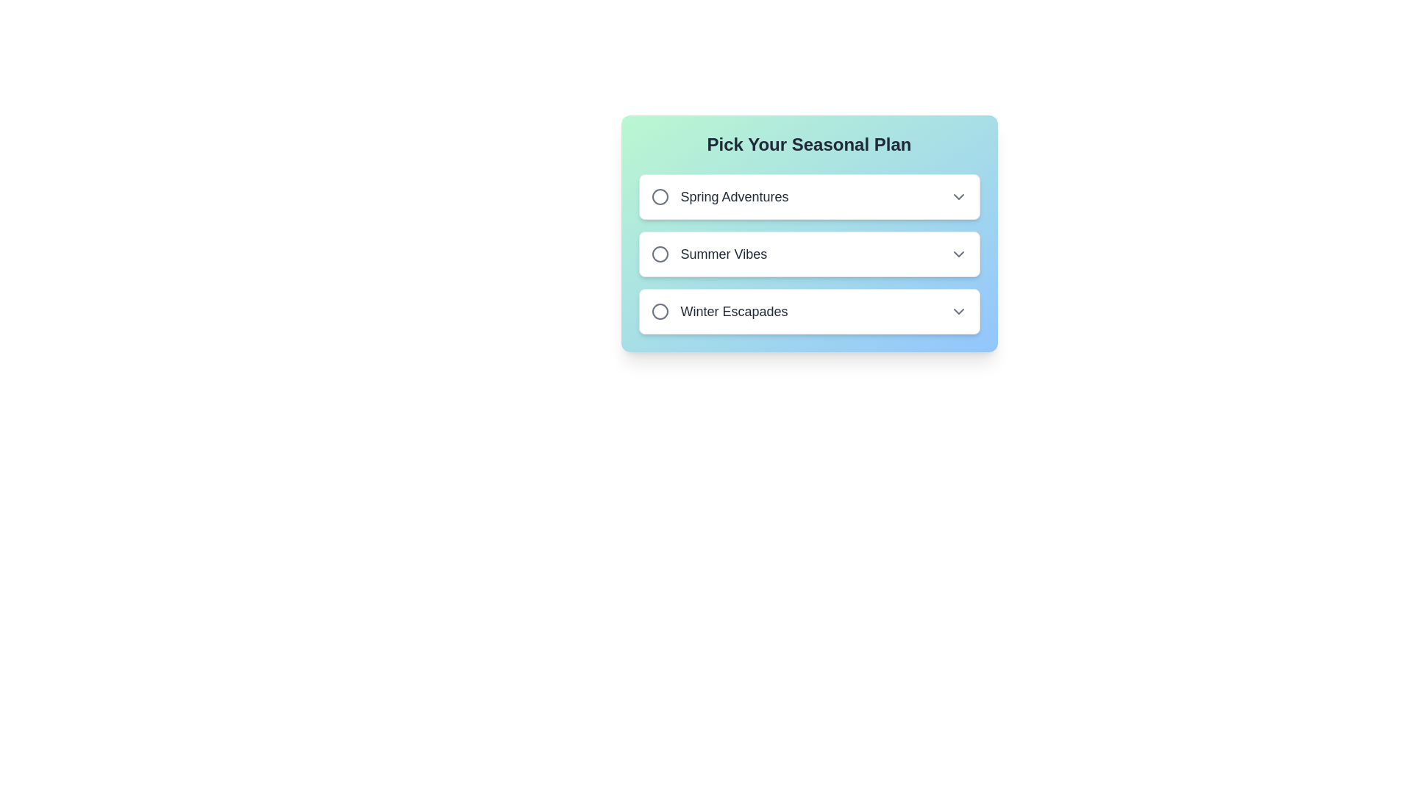  What do you see at coordinates (659, 254) in the screenshot?
I see `the radio button for 'Summer Vibes'` at bounding box center [659, 254].